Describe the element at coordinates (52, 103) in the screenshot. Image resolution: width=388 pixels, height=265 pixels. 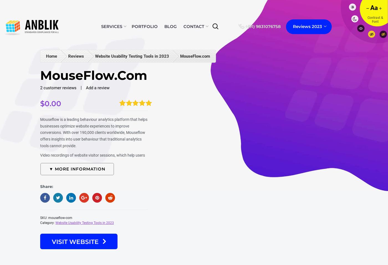
I see `'0.00'` at that location.